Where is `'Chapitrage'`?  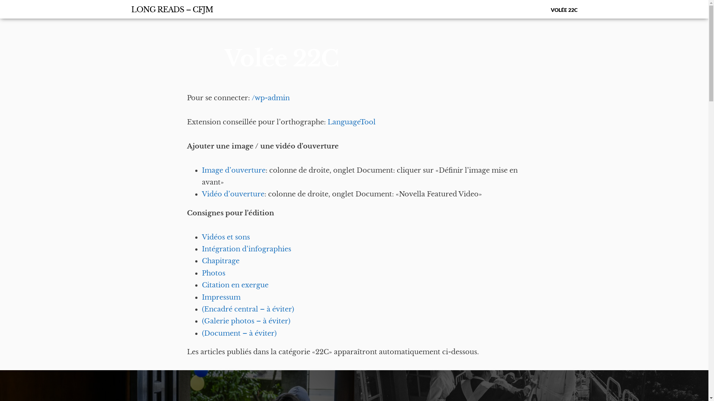 'Chapitrage' is located at coordinates (220, 260).